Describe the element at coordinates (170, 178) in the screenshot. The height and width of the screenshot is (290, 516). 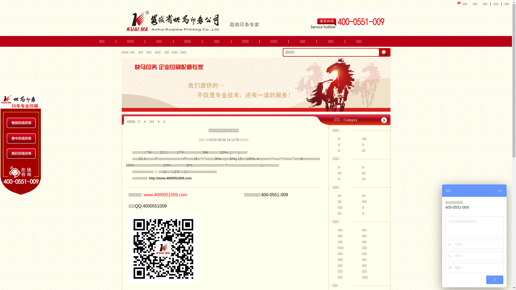
I see `'http://www.4000551009.com'` at that location.